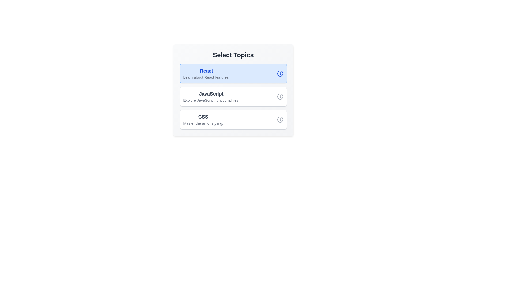 This screenshot has height=289, width=514. I want to click on the topic CSS, so click(233, 119).